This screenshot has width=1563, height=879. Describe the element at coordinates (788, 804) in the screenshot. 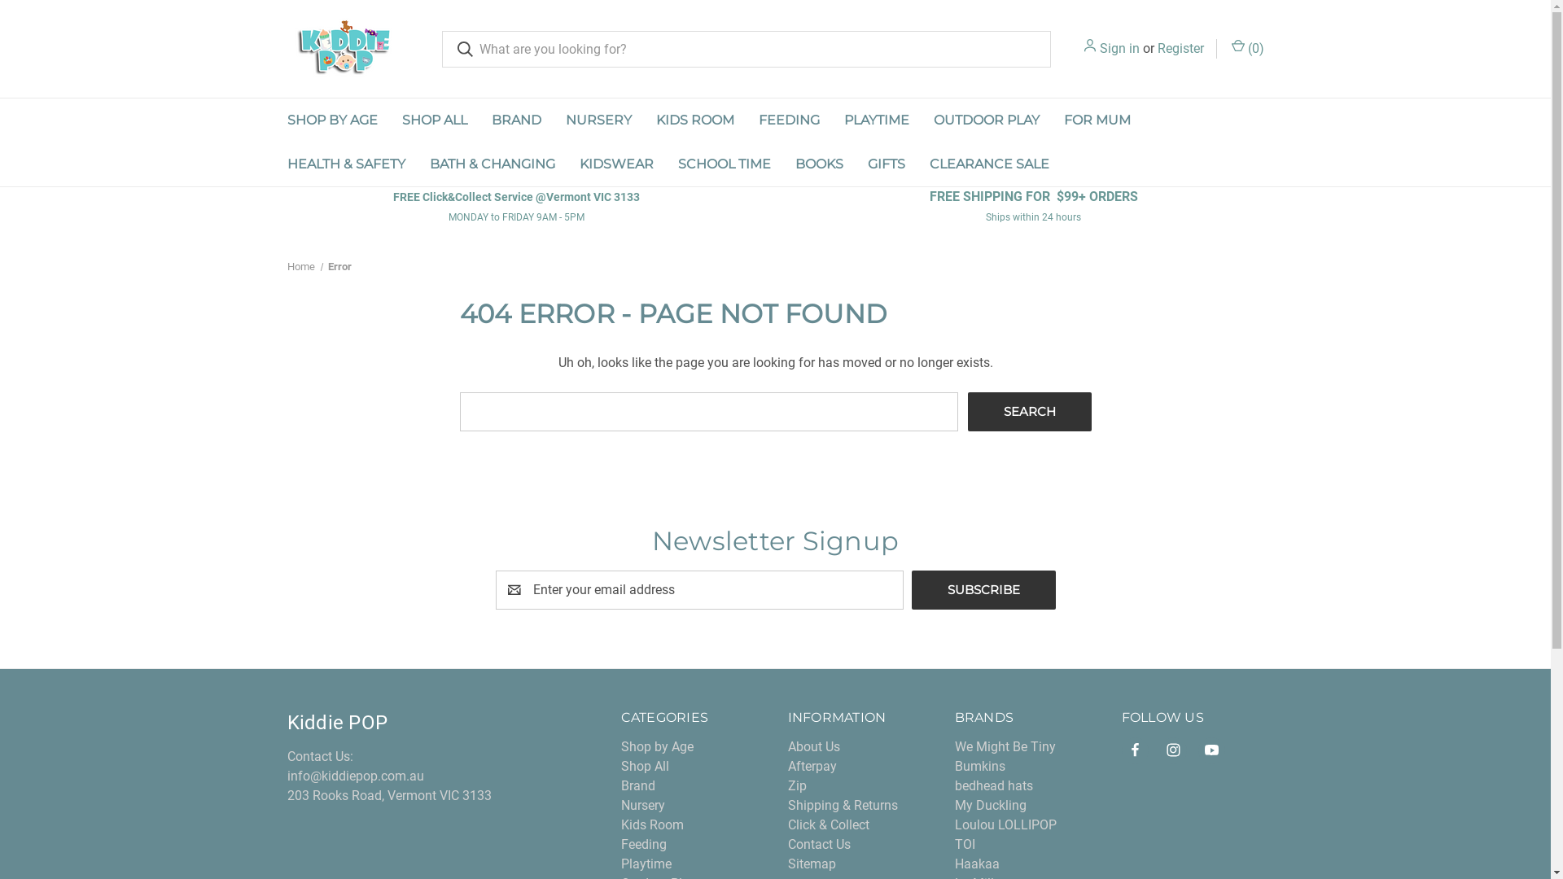

I see `'Shipping & Returns'` at that location.